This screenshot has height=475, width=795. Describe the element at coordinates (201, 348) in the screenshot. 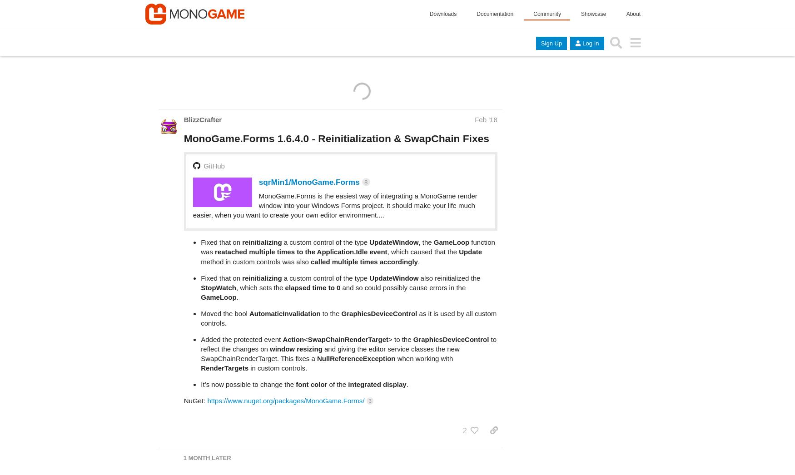

I see `'It’s now possible to change the'` at that location.